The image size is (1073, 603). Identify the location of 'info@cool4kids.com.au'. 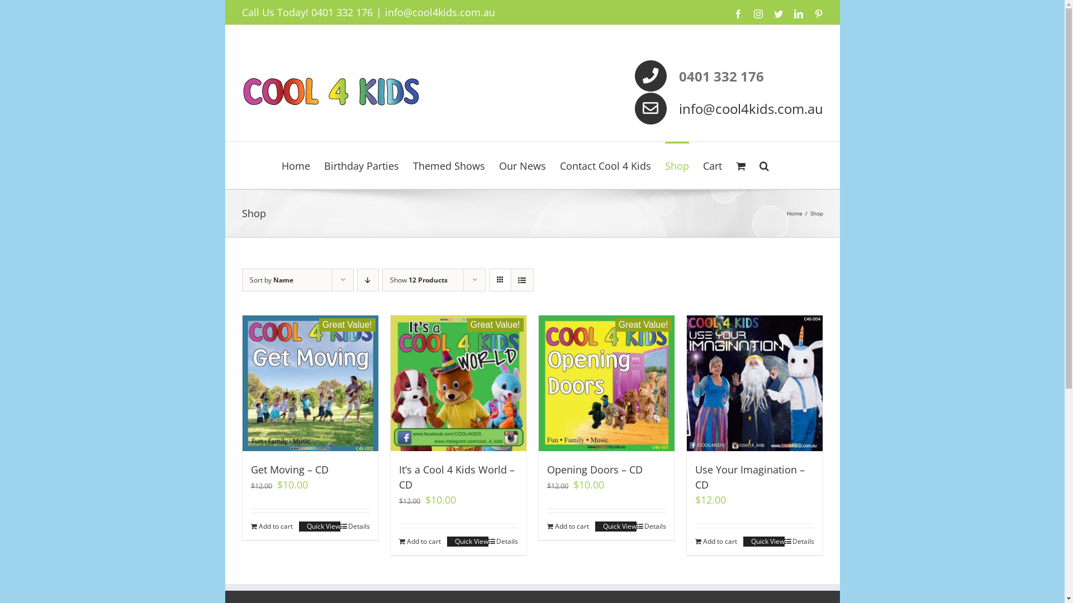
(751, 108).